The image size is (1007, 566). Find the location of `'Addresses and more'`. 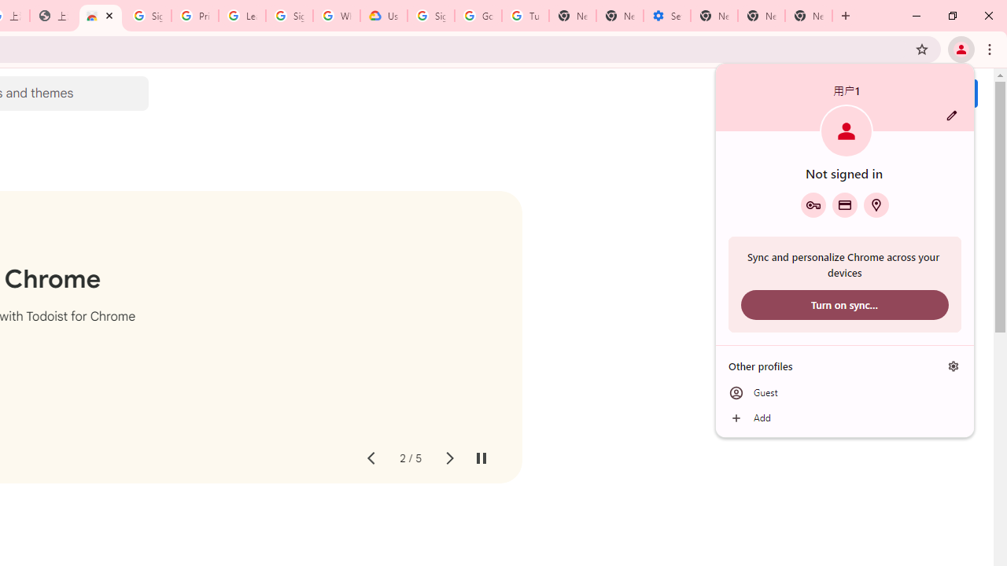

'Addresses and more' is located at coordinates (876, 204).